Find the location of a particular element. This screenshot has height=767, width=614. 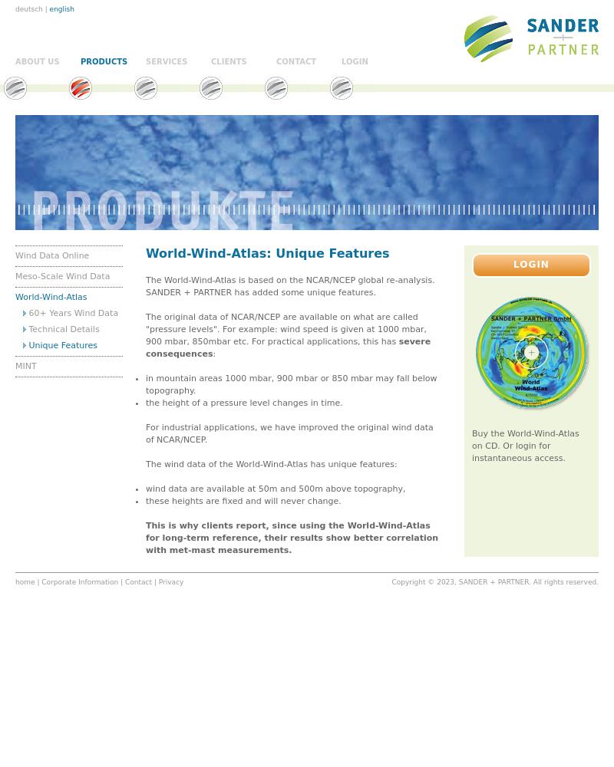

'60+ Years Wind Data' is located at coordinates (73, 313).